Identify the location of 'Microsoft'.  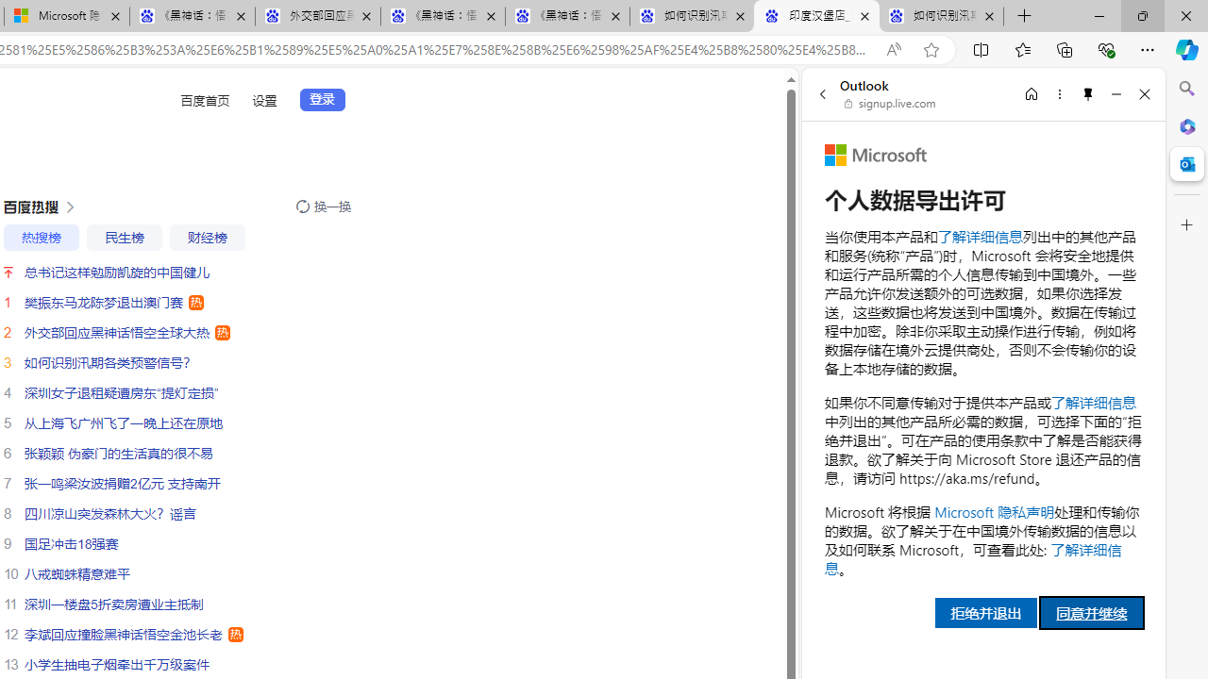
(875, 154).